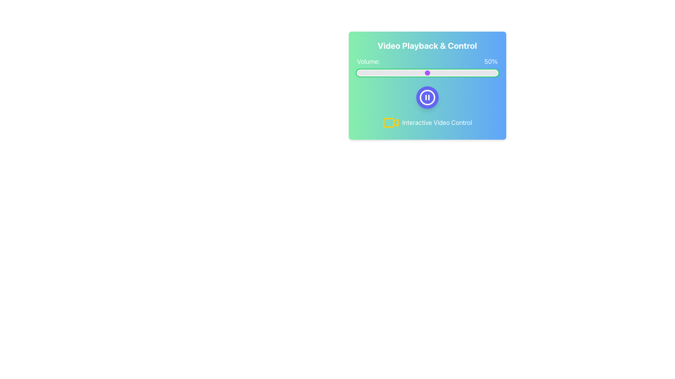 Image resolution: width=675 pixels, height=379 pixels. Describe the element at coordinates (490, 61) in the screenshot. I see `the Static Label displaying '50%' in white font against a blue background, located in the top-right corner of the volume control section of the 'Video Playback & Control' interface` at that location.